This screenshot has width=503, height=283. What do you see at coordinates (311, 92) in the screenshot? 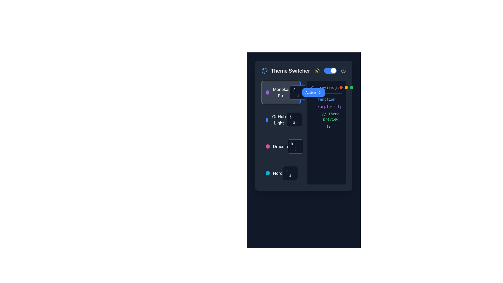
I see `the state of the active indicator icon for the 'Monokai Pro' theme option, which is positioned at the top left quadrant of the interface` at bounding box center [311, 92].